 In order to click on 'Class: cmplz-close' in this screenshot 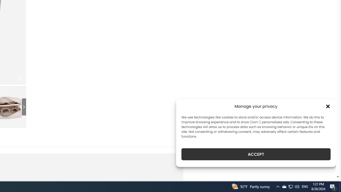, I will do `click(328, 106)`.